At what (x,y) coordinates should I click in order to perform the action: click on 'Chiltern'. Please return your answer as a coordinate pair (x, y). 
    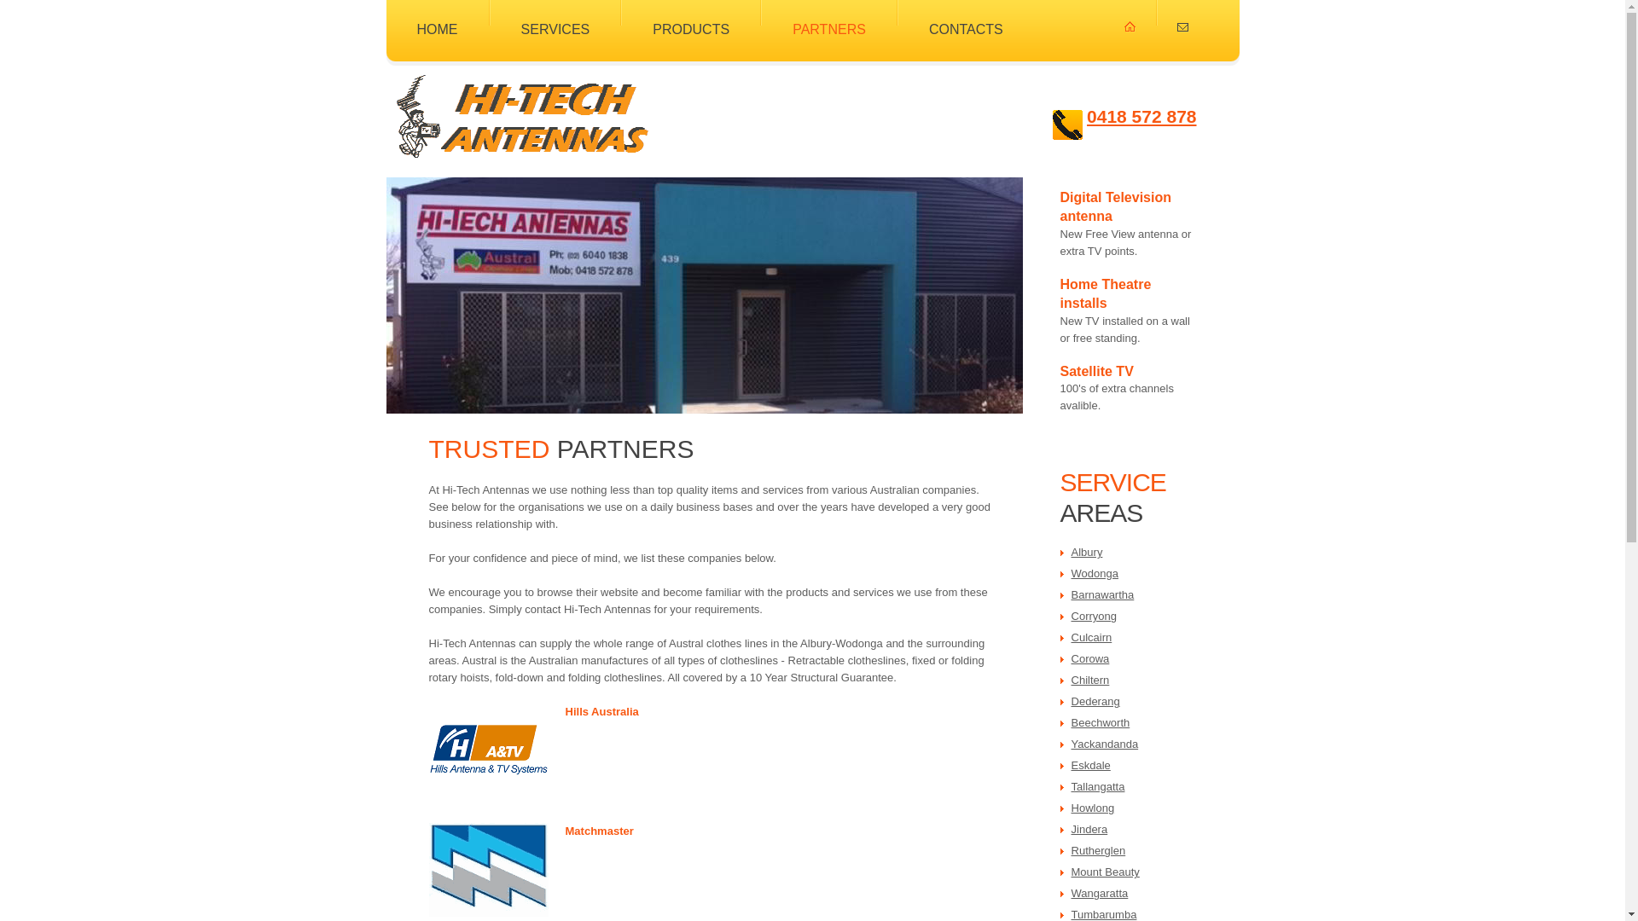
    Looking at the image, I should click on (1089, 679).